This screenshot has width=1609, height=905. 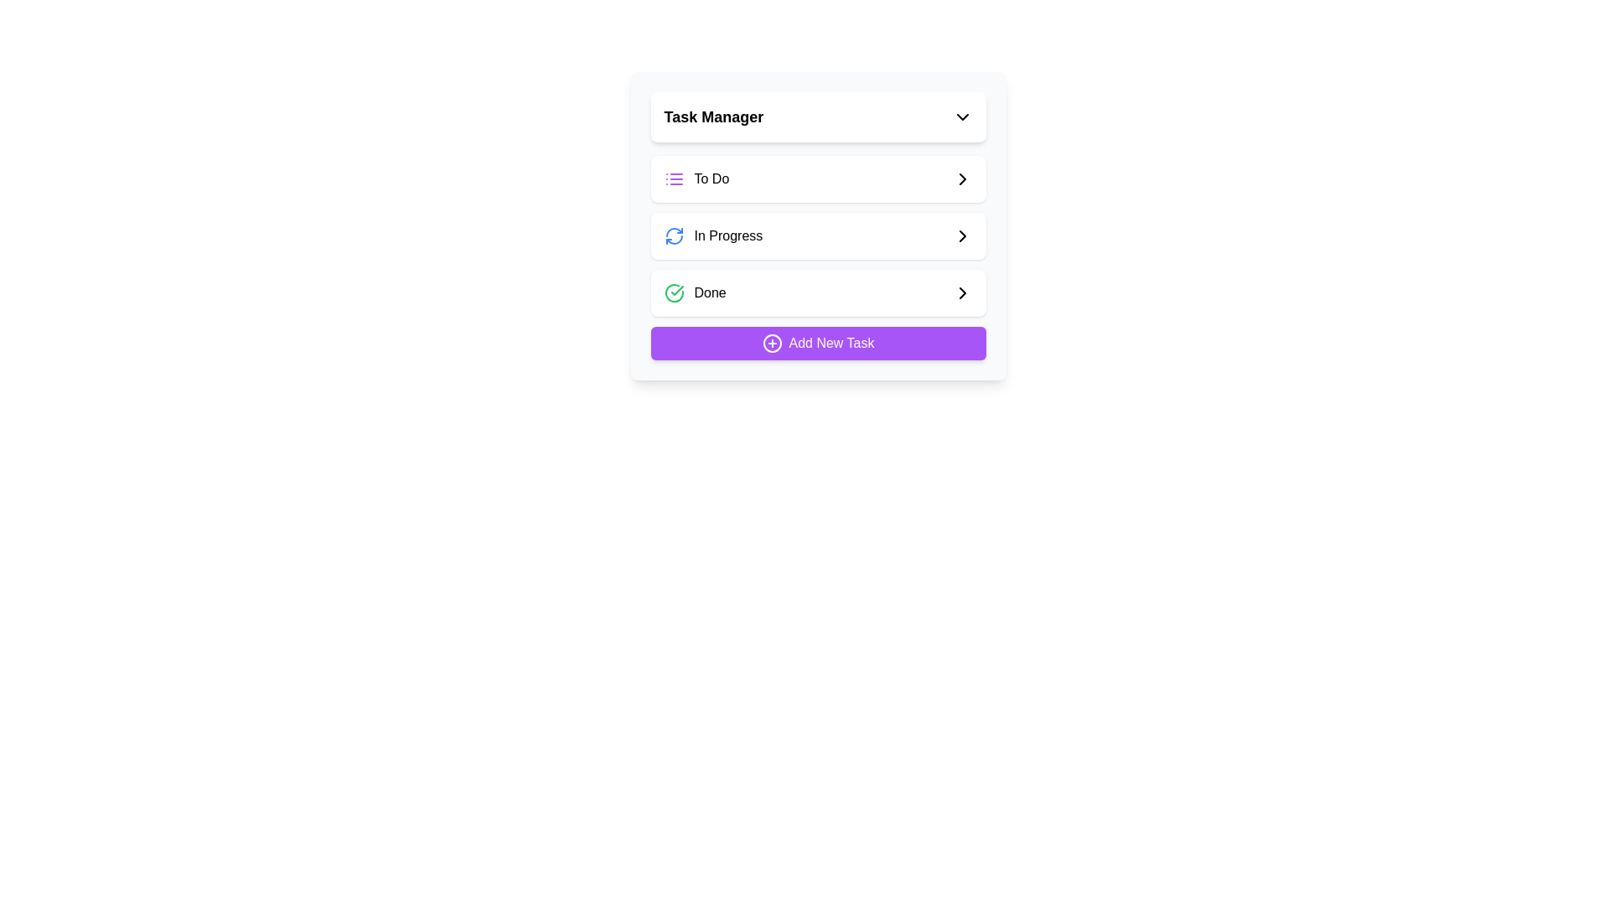 I want to click on text of the Label with accompanying icon located in the second row of the 'Task Manager,' below 'To Do' and above 'Done,' aligned with an arrow icon on the right, so click(x=713, y=235).